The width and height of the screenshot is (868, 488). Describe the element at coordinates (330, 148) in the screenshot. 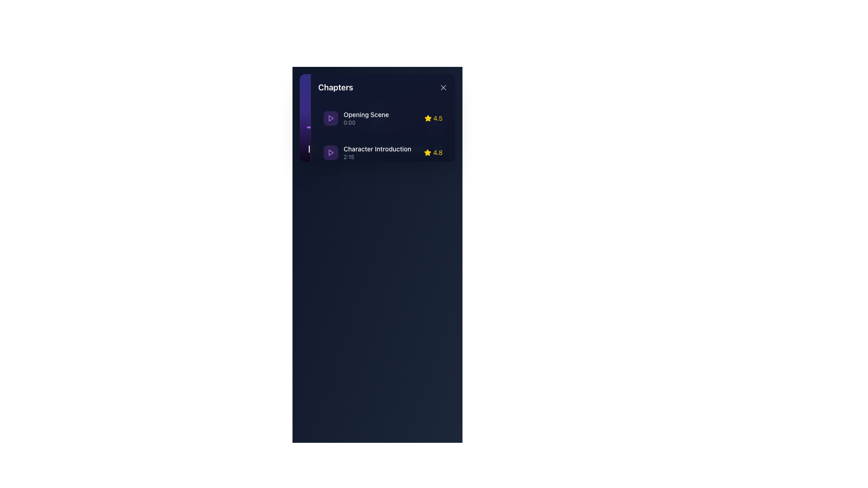

I see `the triangular play icon styled with purple hues to play the second chapter titled 'Character Introduction'` at that location.